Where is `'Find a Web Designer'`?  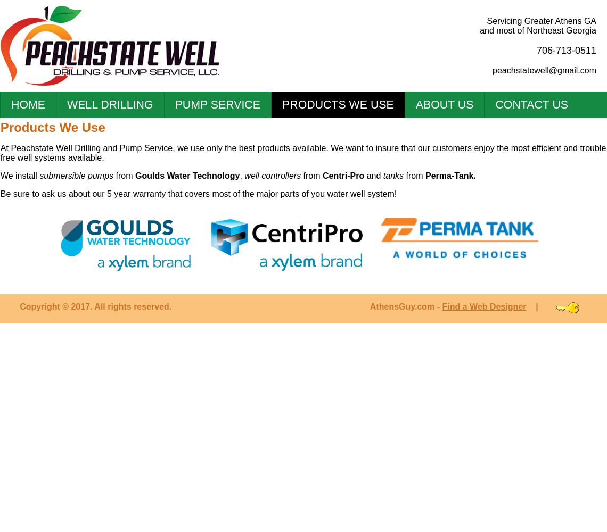
'Find a Web Designer' is located at coordinates (484, 306).